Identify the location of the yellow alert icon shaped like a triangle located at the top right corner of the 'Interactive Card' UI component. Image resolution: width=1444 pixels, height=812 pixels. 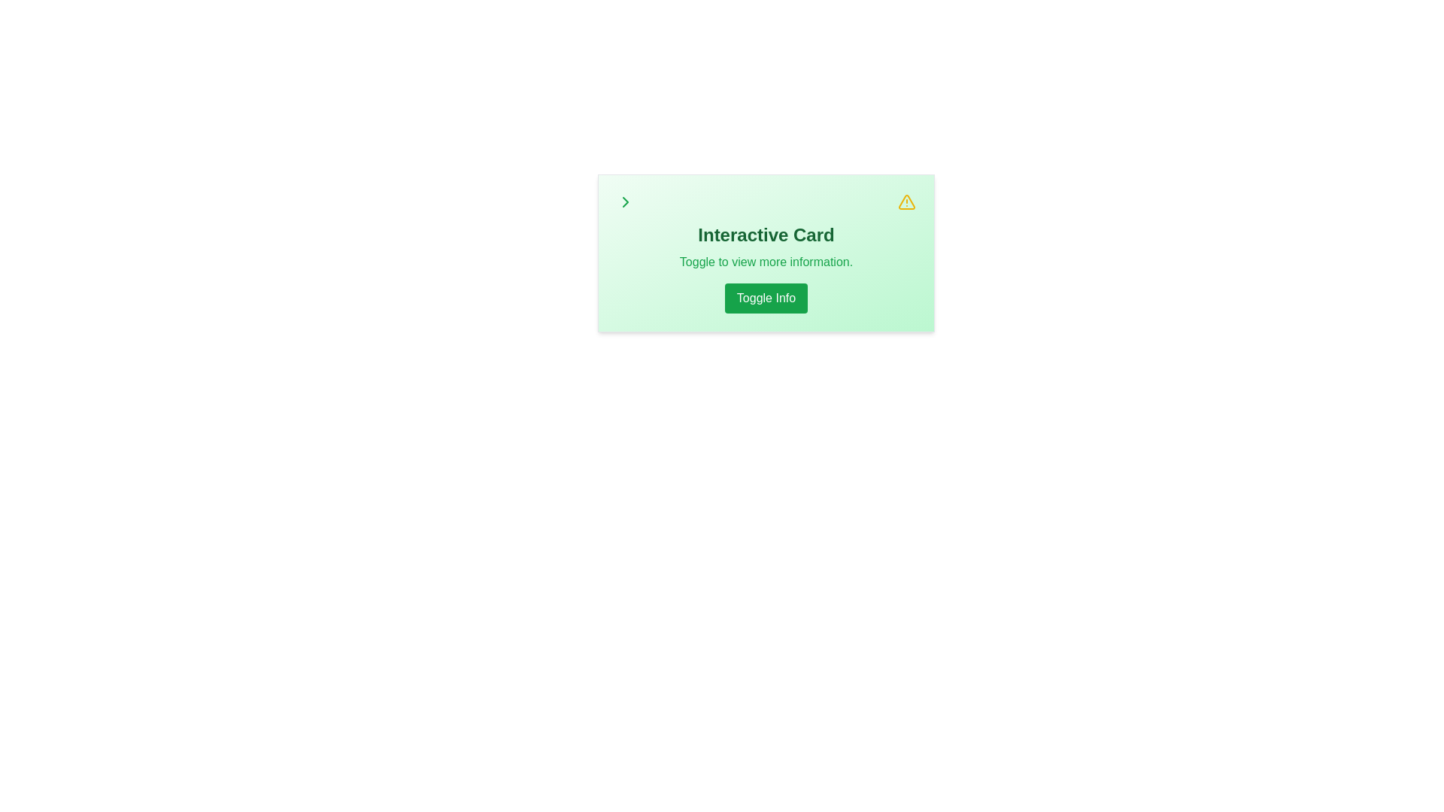
(906, 201).